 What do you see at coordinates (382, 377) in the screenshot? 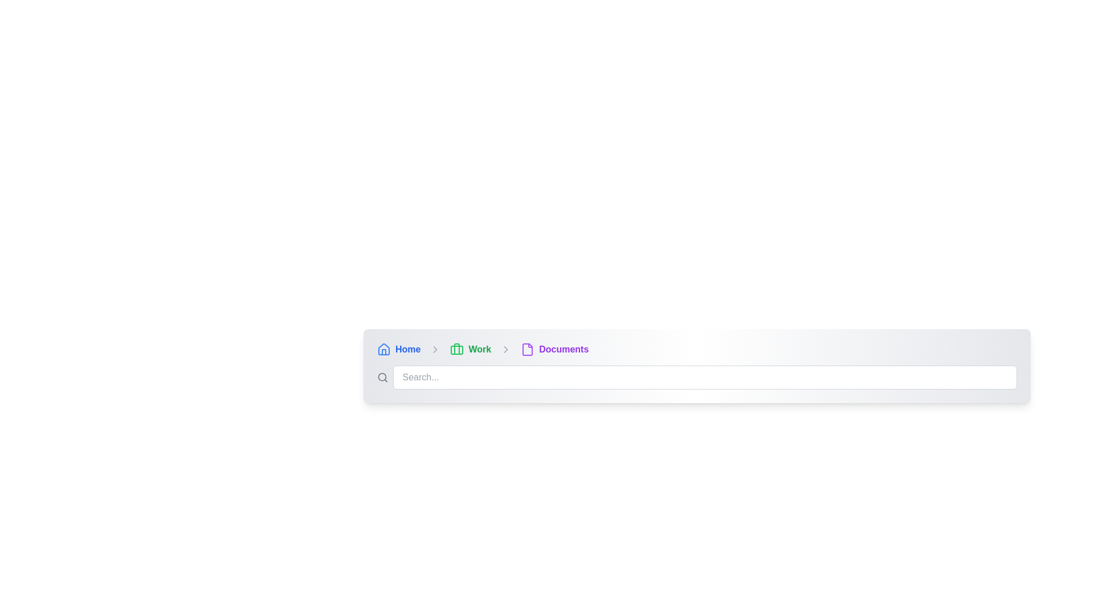
I see `the lens component of the search button's magnifying glass icon, which is located adjacent to the input field for searching, on the right side of a navigation breadcrumb` at bounding box center [382, 377].